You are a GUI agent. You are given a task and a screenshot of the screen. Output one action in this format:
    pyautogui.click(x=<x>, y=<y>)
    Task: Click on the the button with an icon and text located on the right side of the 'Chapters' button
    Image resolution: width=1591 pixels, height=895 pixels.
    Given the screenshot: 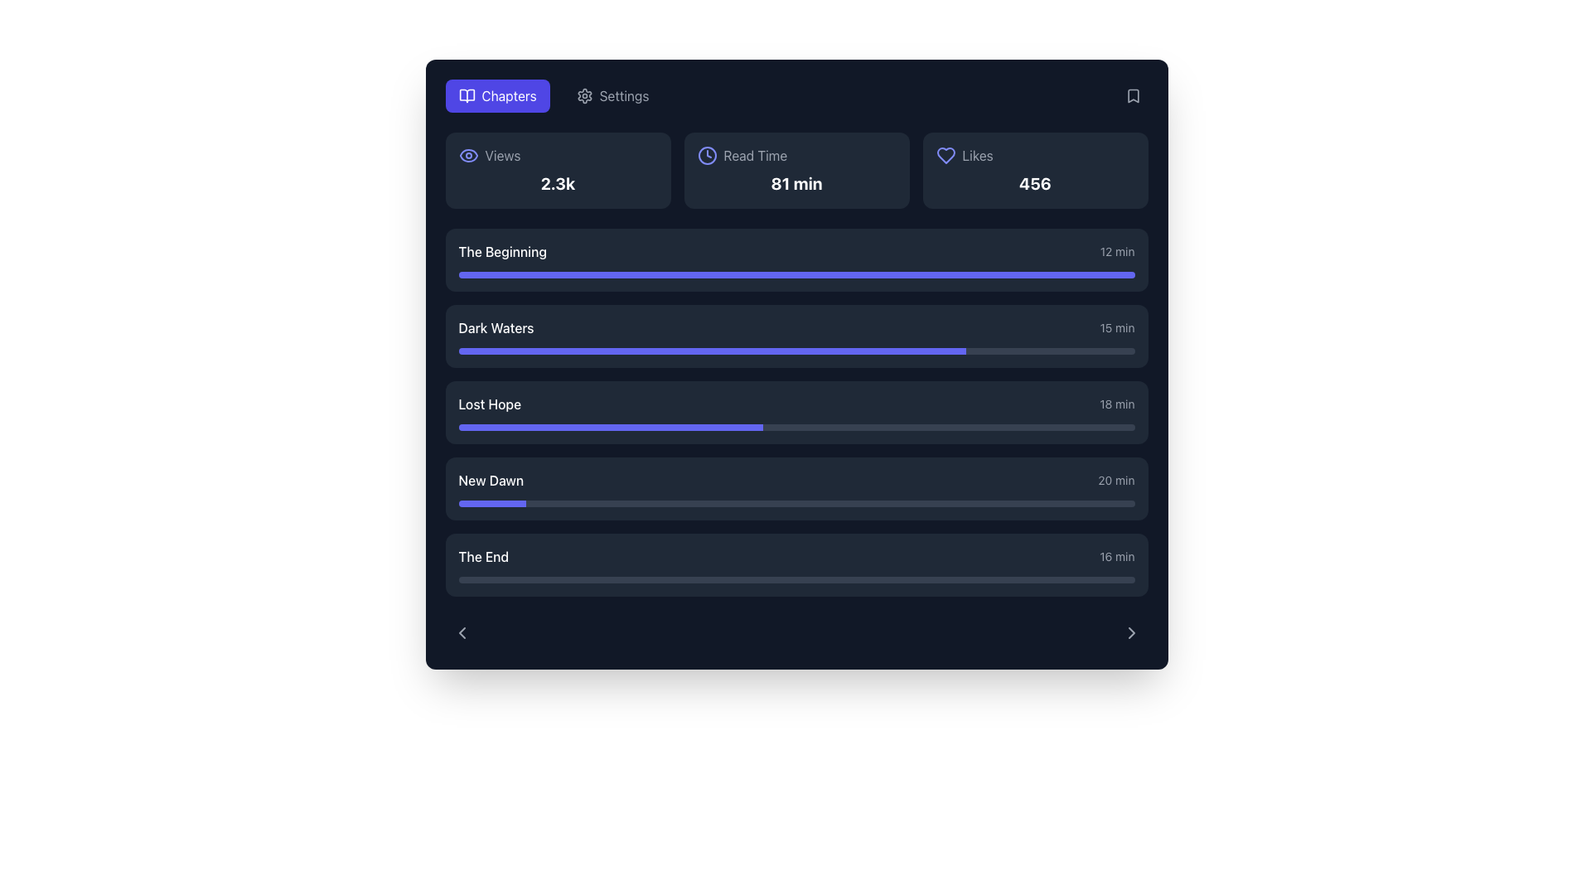 What is the action you would take?
    pyautogui.click(x=612, y=95)
    